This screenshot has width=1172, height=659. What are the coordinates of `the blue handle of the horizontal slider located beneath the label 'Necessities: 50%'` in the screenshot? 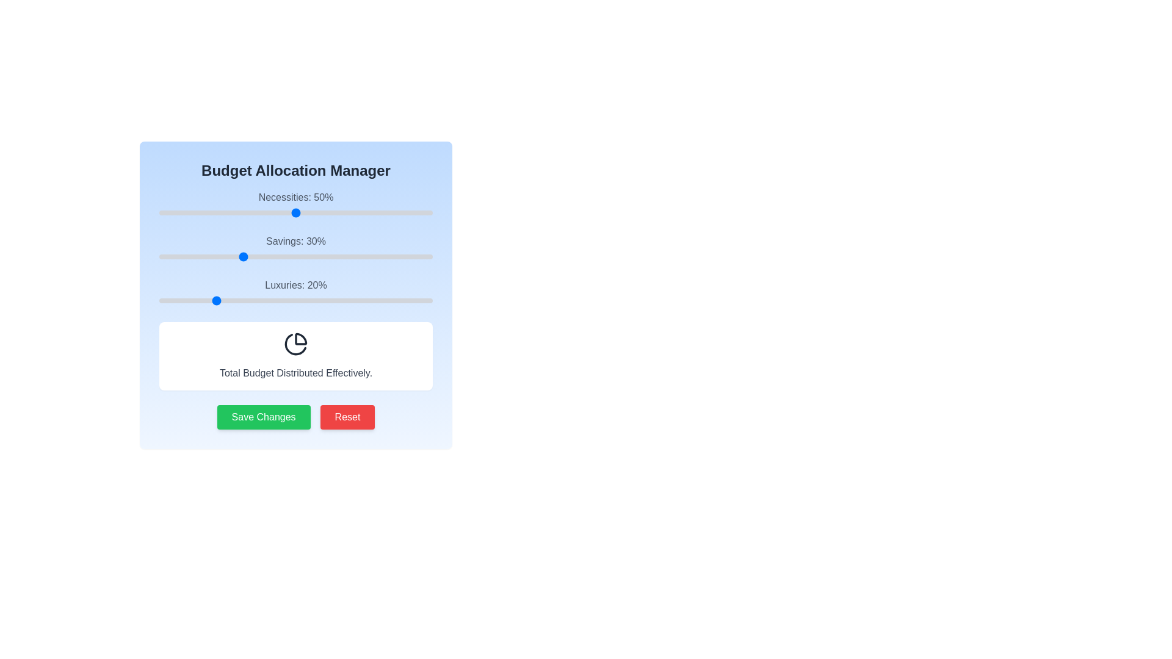 It's located at (295, 212).